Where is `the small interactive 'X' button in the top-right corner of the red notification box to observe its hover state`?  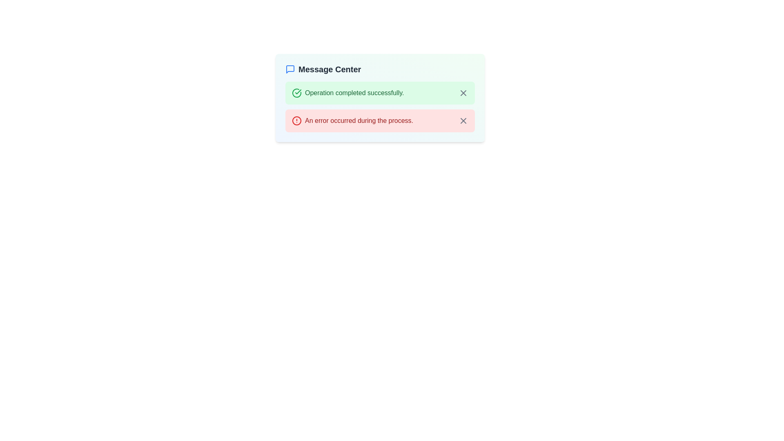 the small interactive 'X' button in the top-right corner of the red notification box to observe its hover state is located at coordinates (463, 121).